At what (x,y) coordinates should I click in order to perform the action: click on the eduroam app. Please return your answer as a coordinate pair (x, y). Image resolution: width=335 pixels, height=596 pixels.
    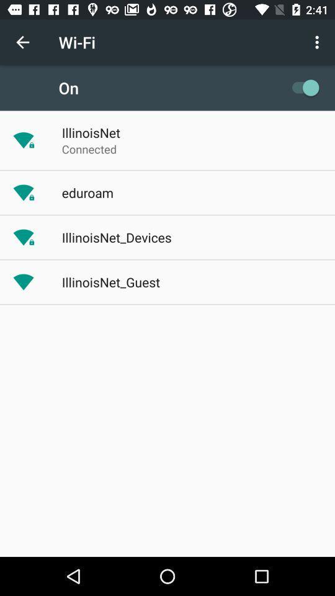
    Looking at the image, I should click on (87, 192).